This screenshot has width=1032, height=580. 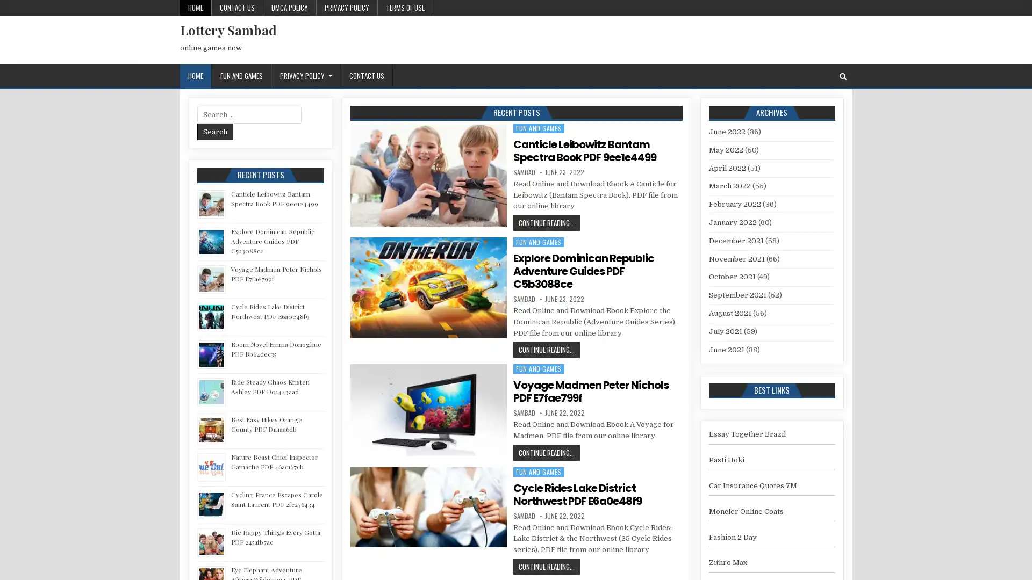 What do you see at coordinates (215, 131) in the screenshot?
I see `Search` at bounding box center [215, 131].